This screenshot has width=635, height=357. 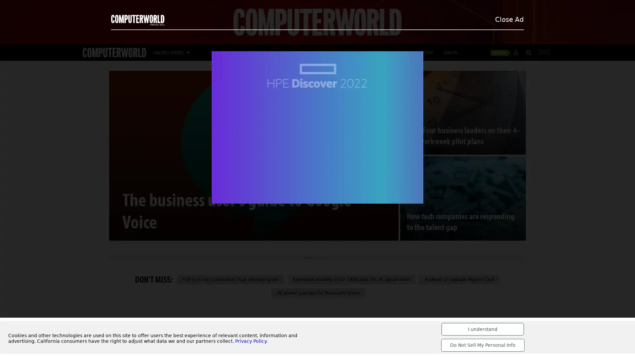 I want to click on Follow on Twitter, so click(x=171, y=318).